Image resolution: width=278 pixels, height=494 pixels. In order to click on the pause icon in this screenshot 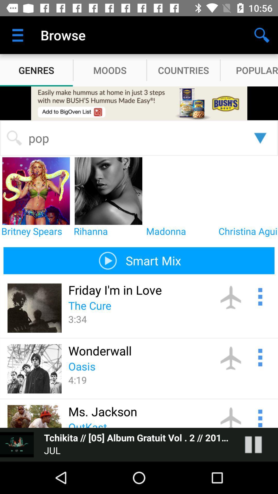, I will do `click(258, 444)`.